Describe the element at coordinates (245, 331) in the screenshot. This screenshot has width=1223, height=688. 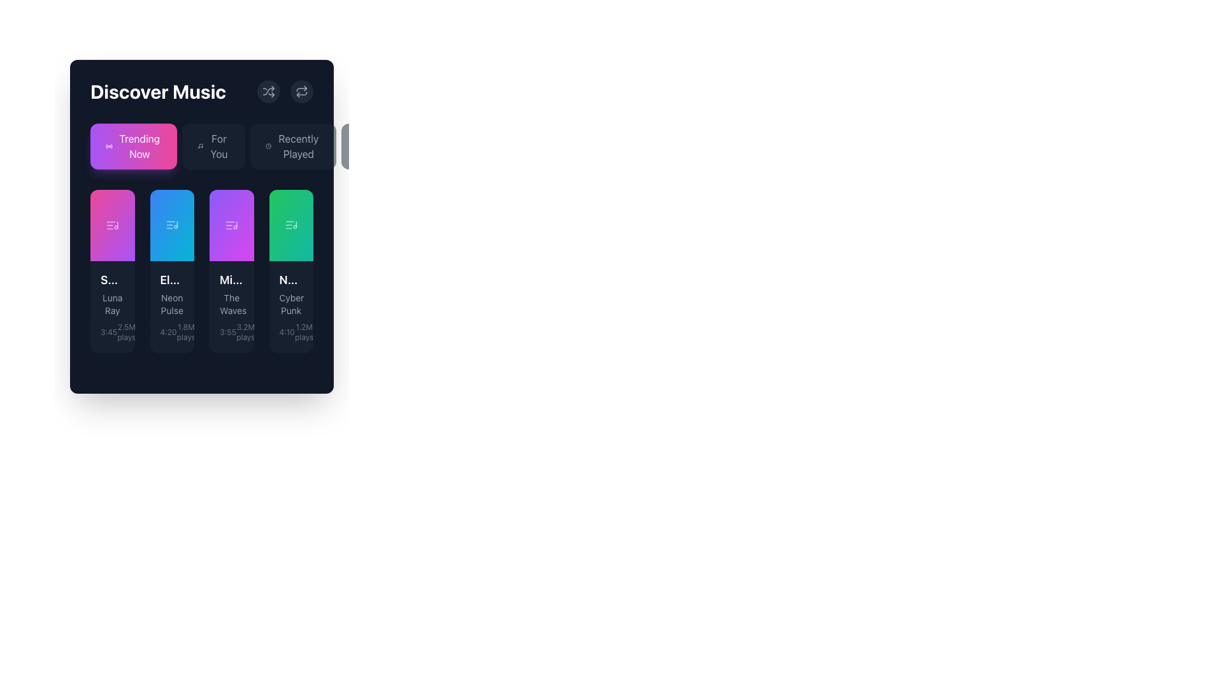
I see `the static text label displaying the number of plays for the third item in the 'Trending Now' section, located at the bottom-right corner of the card` at that location.